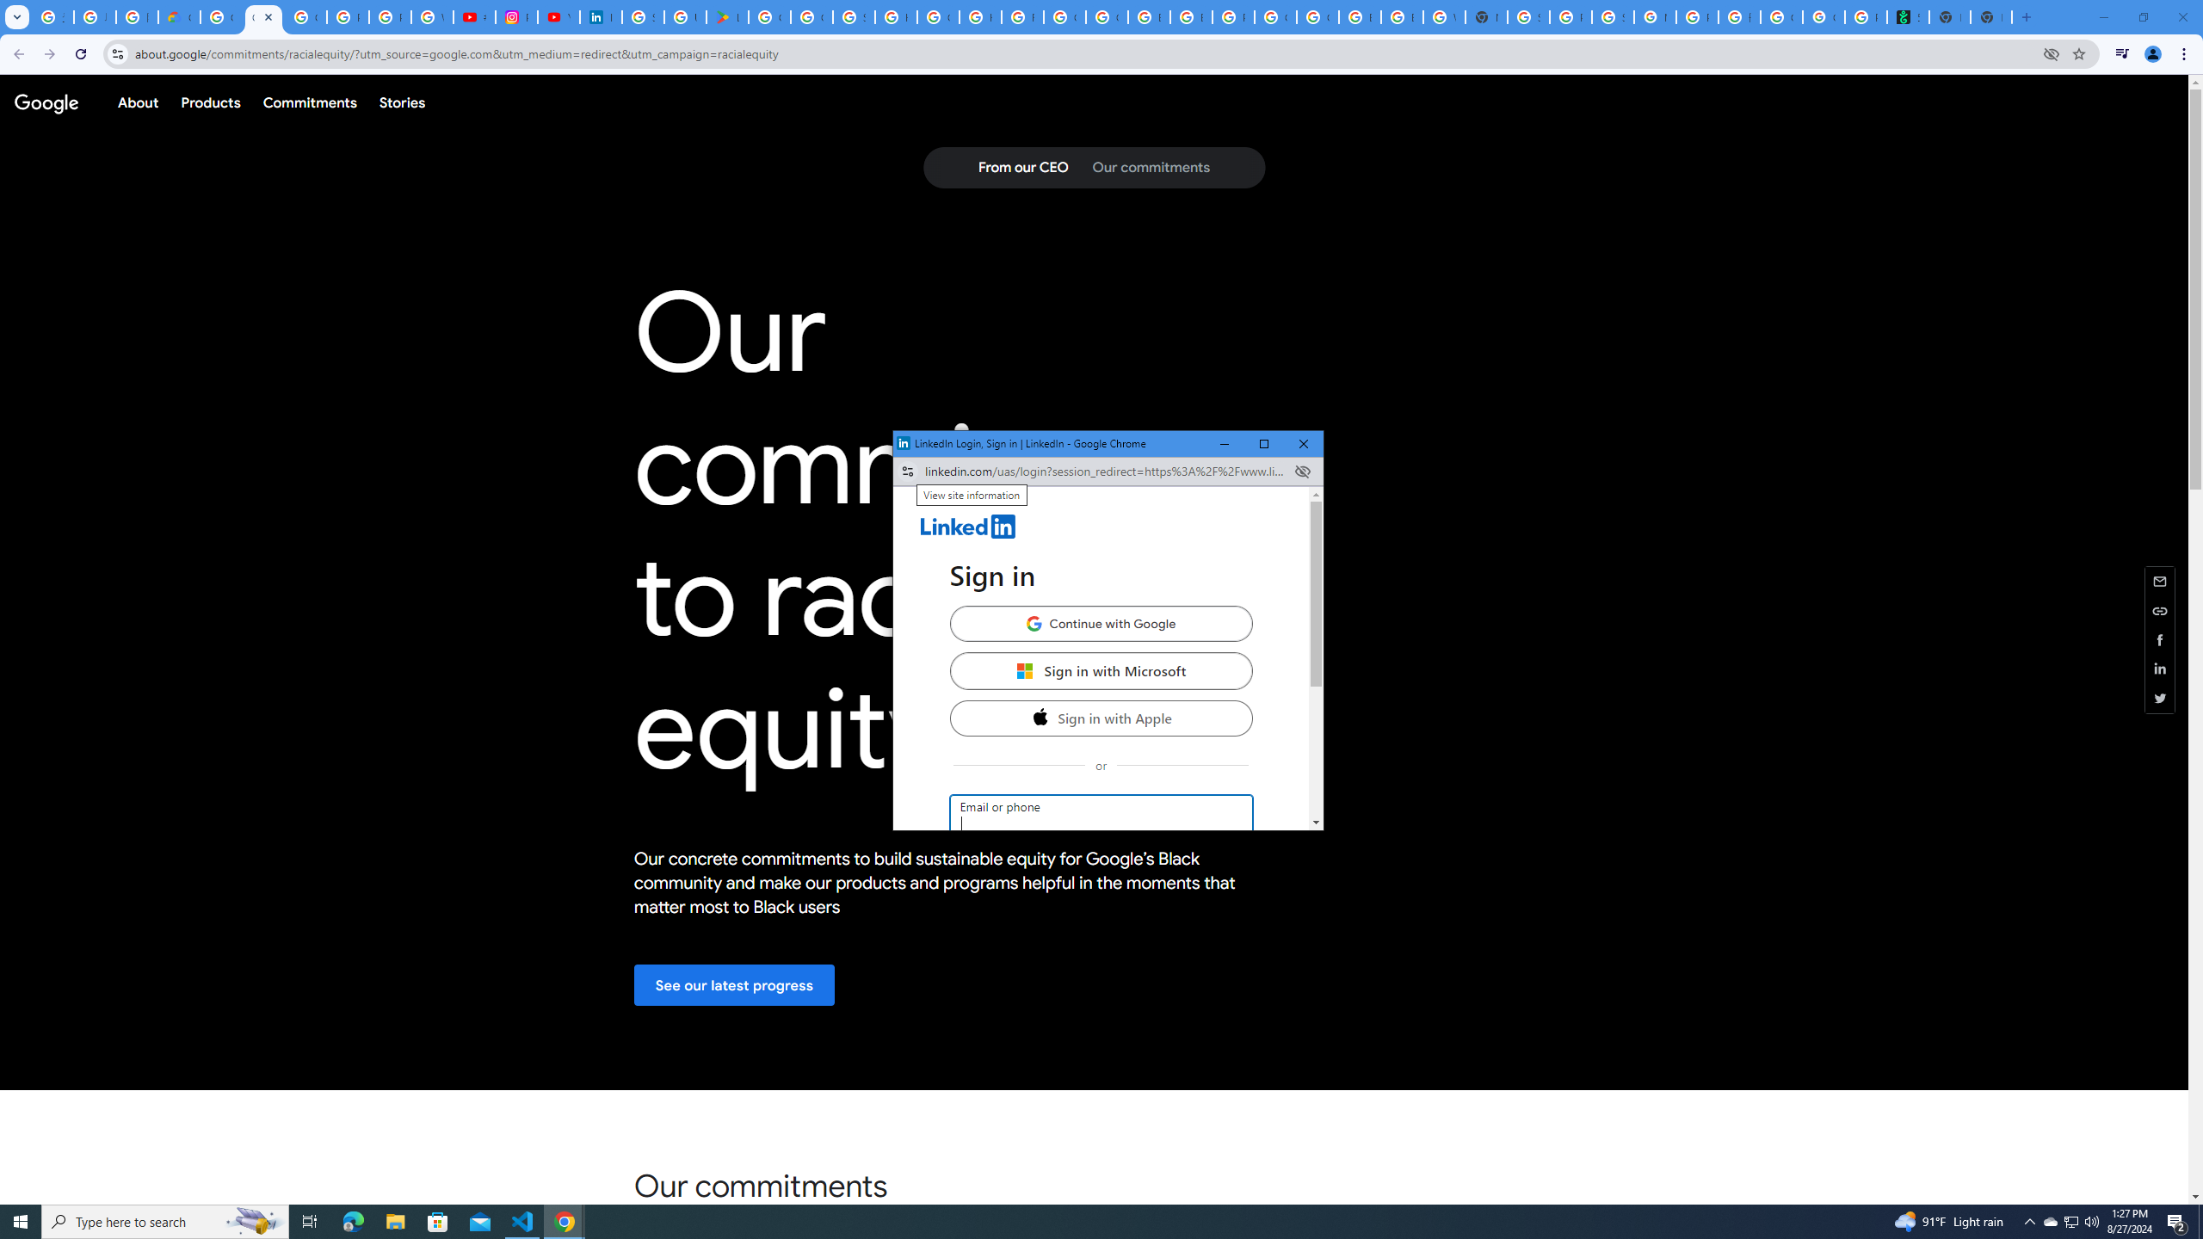 This screenshot has width=2203, height=1239. I want to click on 'Show desktop', so click(2200, 1220).